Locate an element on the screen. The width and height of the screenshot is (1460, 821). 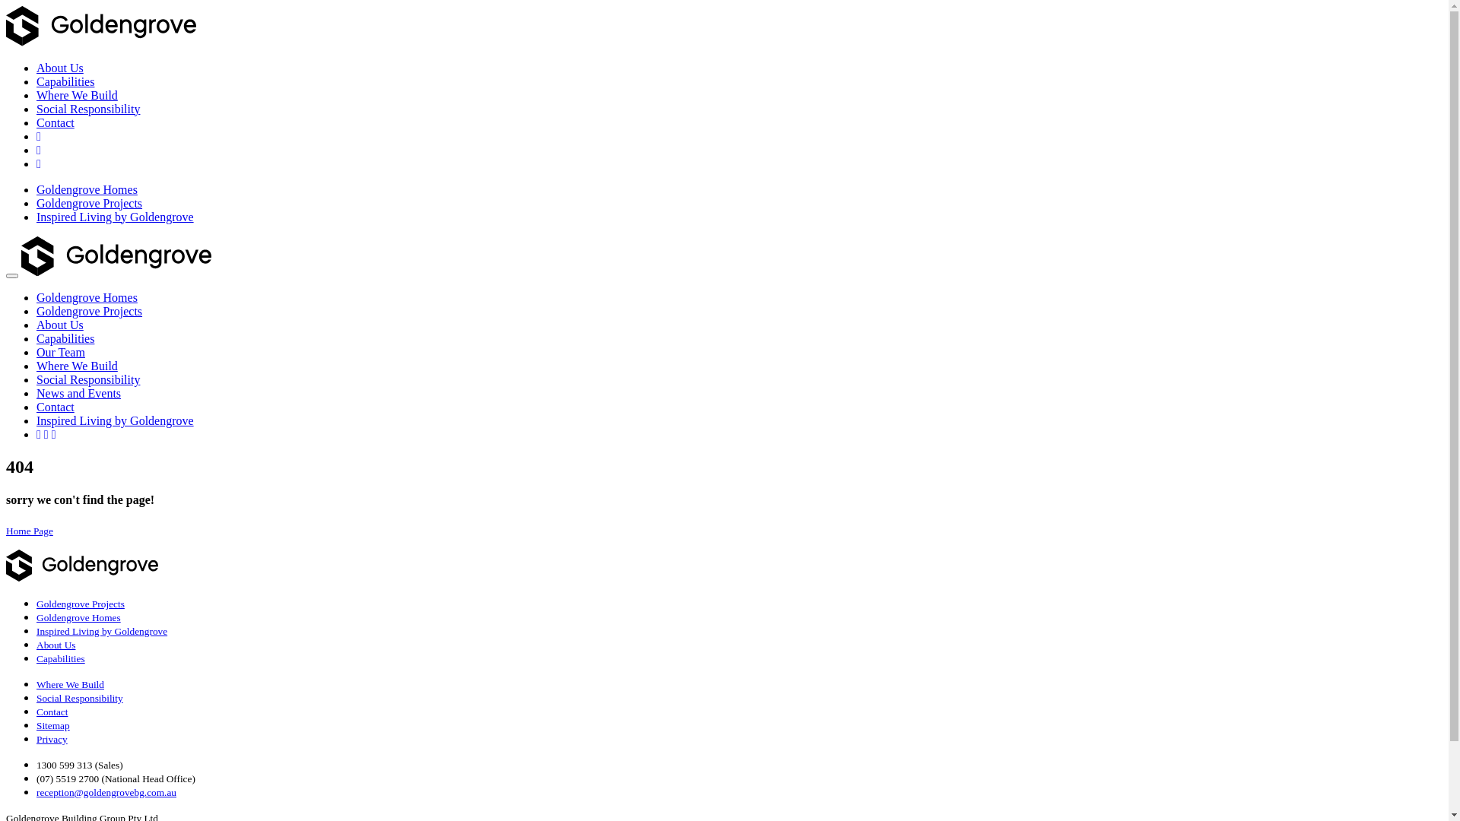
'reception@goldengrovebg.com.au' is located at coordinates (36, 791).